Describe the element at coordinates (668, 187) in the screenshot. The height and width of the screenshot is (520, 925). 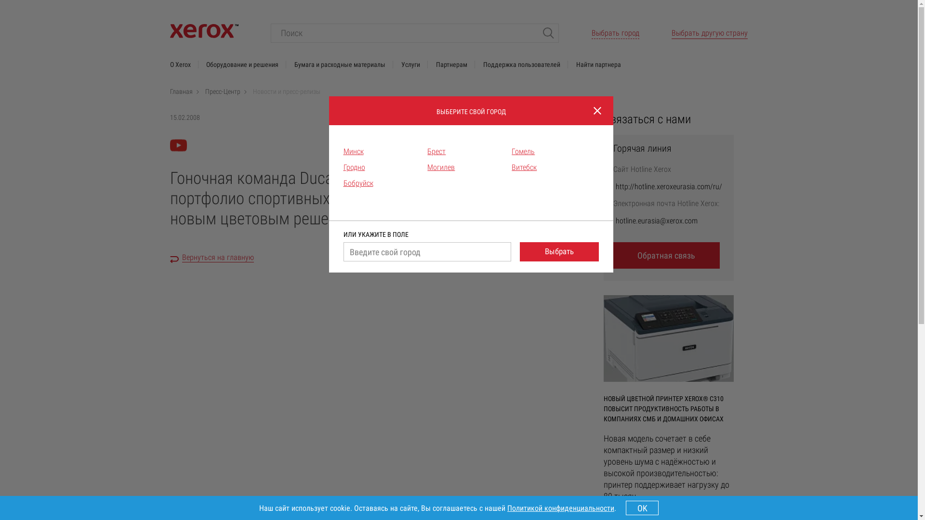
I see `'http://hotline.xeroxeurasia.com/ru/'` at that location.